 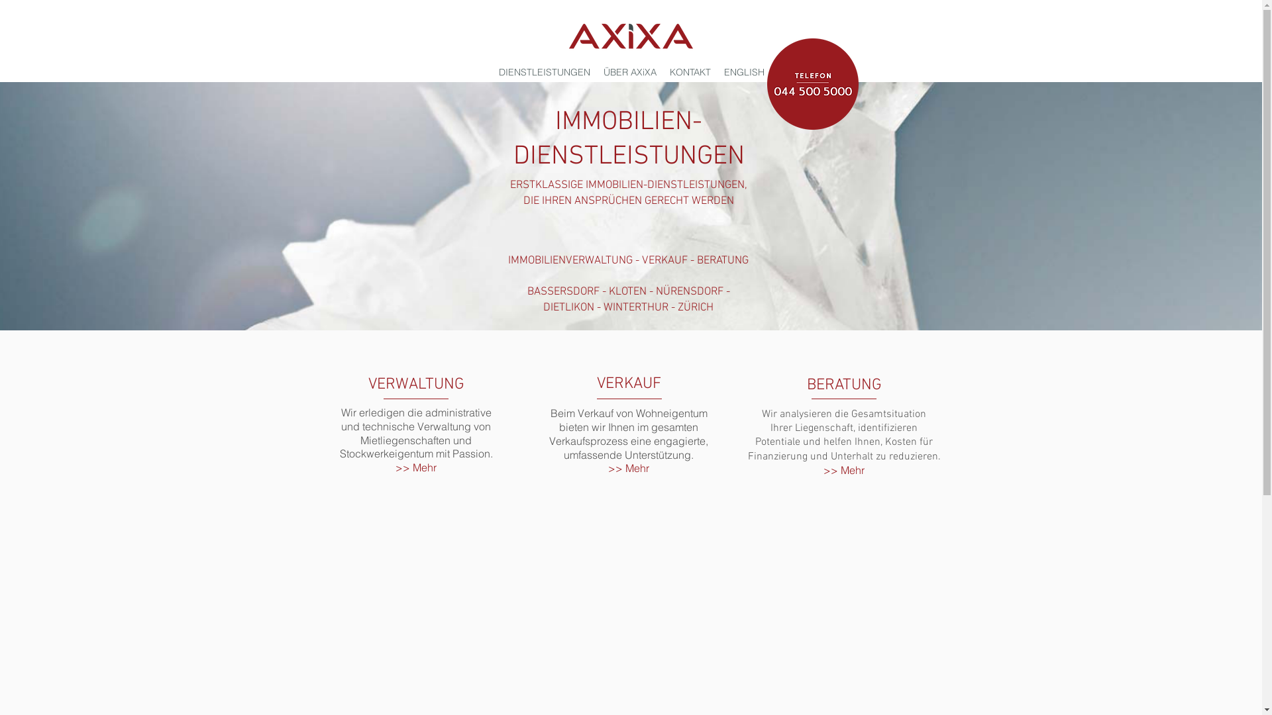 I want to click on 'ENGLISH', so click(x=743, y=71).